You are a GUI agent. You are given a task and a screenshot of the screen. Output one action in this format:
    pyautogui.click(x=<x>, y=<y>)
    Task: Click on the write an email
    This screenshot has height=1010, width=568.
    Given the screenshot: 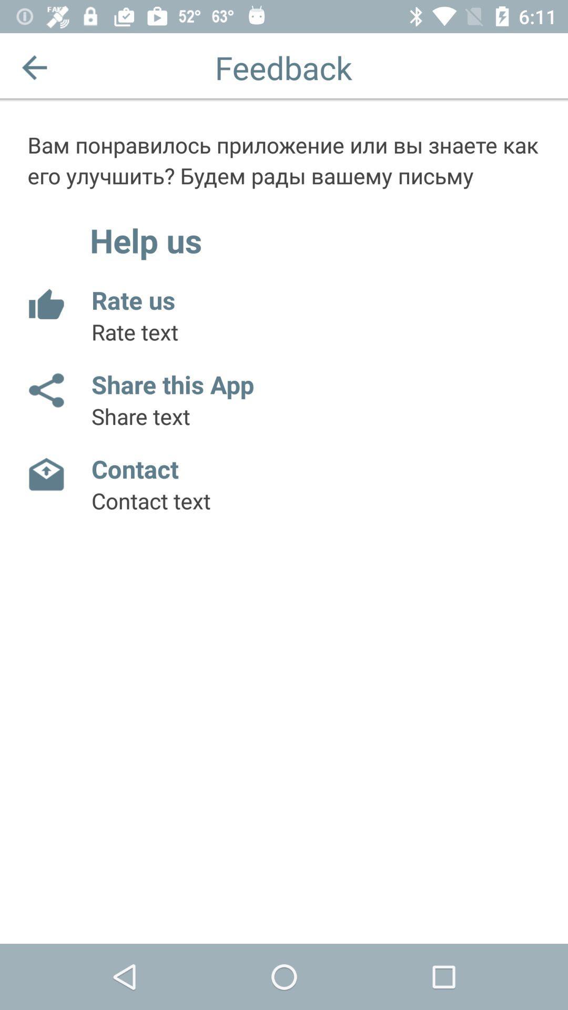 What is the action you would take?
    pyautogui.click(x=45, y=474)
    